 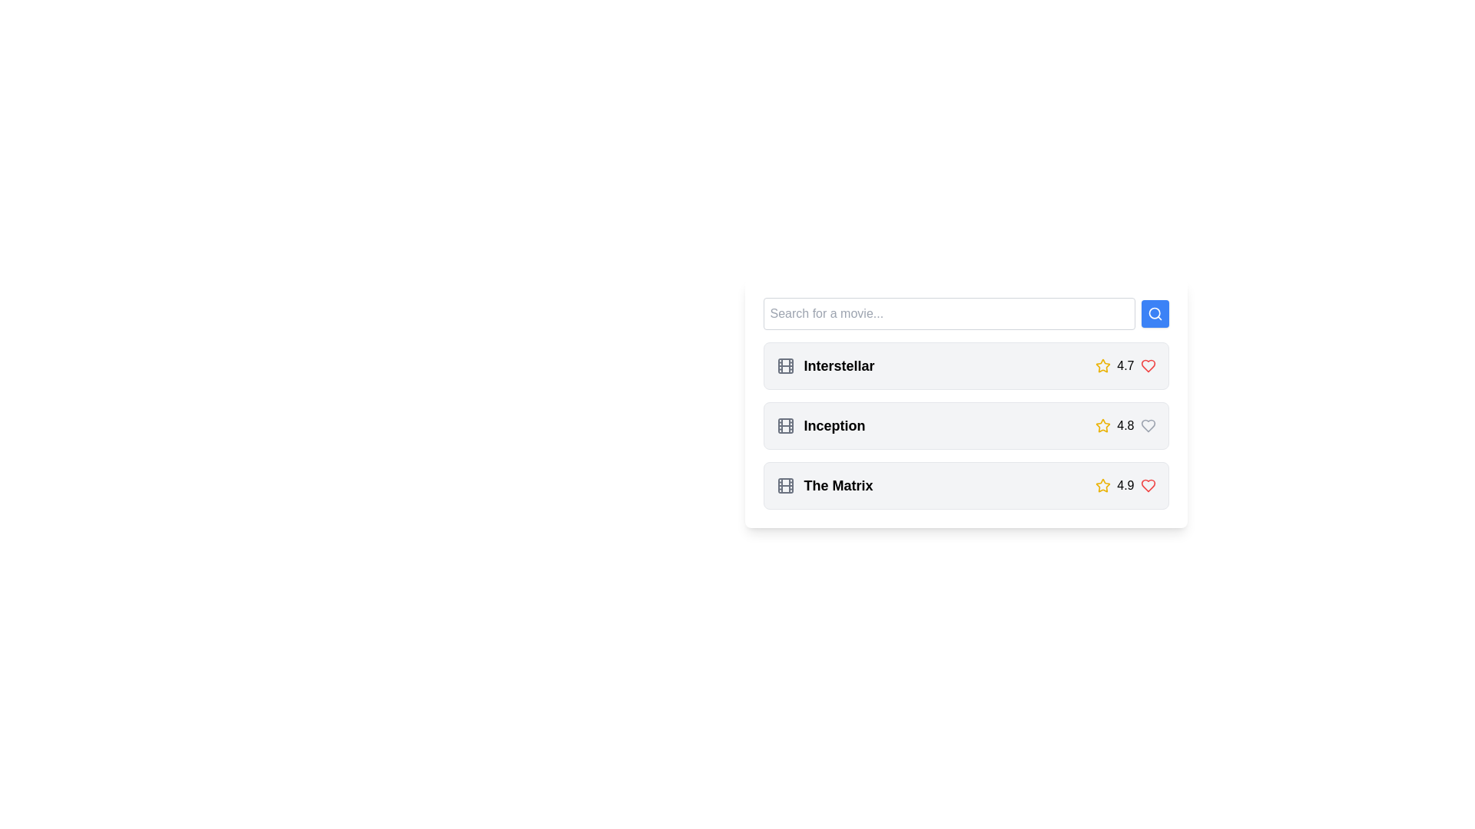 I want to click on the text label displaying the rating score of '4.9' for 'The Matrix' card, which is located at the right side of the yellow star icon and aligned with the red heart icon, so click(x=1125, y=485).